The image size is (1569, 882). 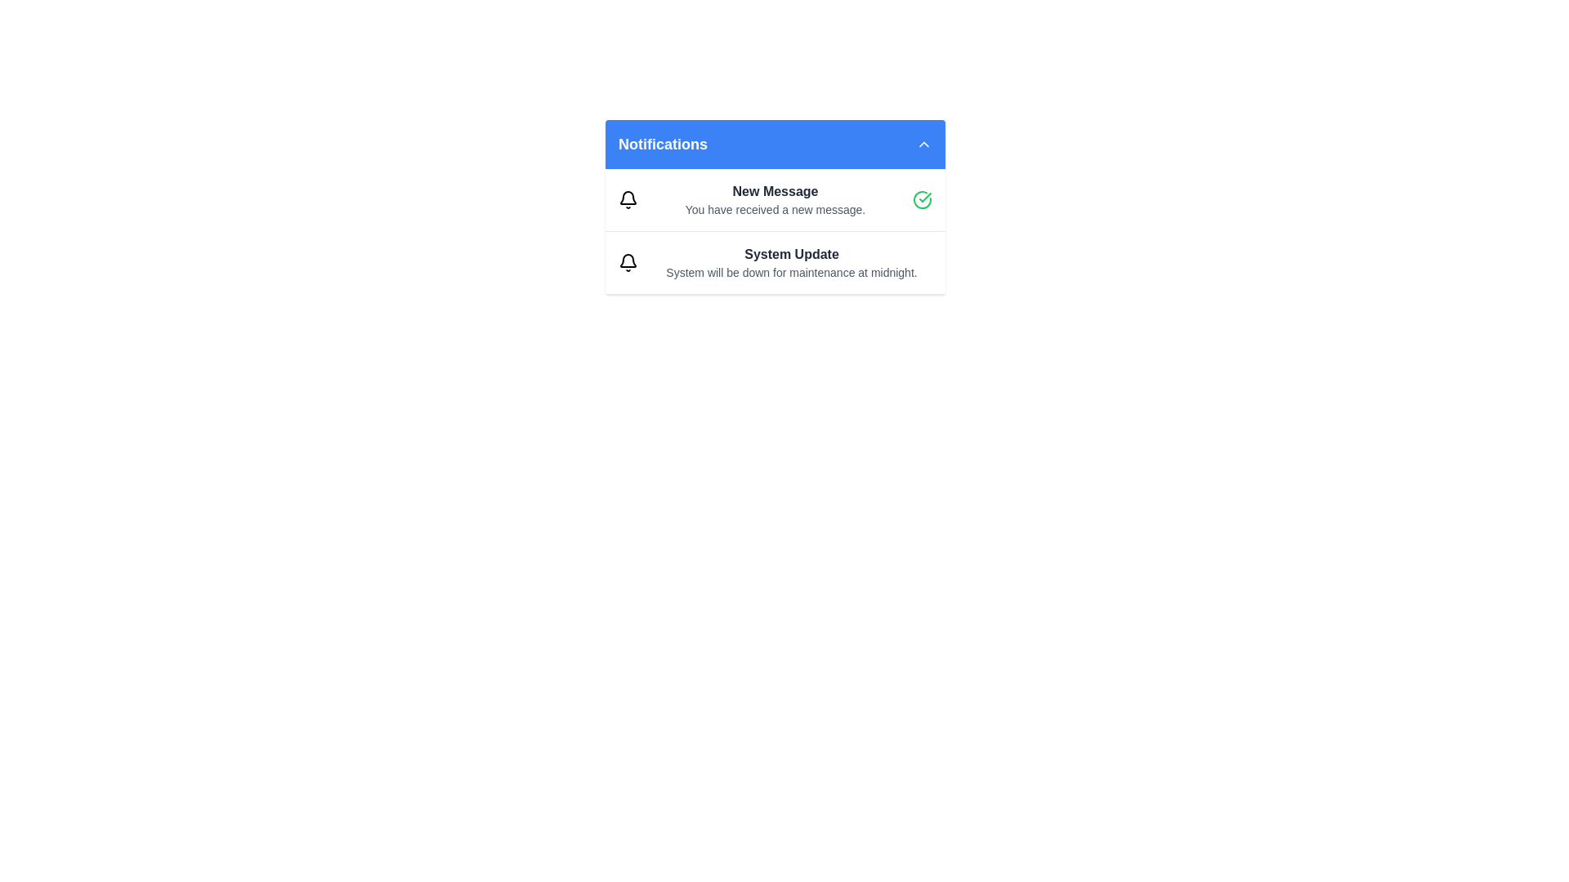 I want to click on the chevron icon button, so click(x=924, y=144).